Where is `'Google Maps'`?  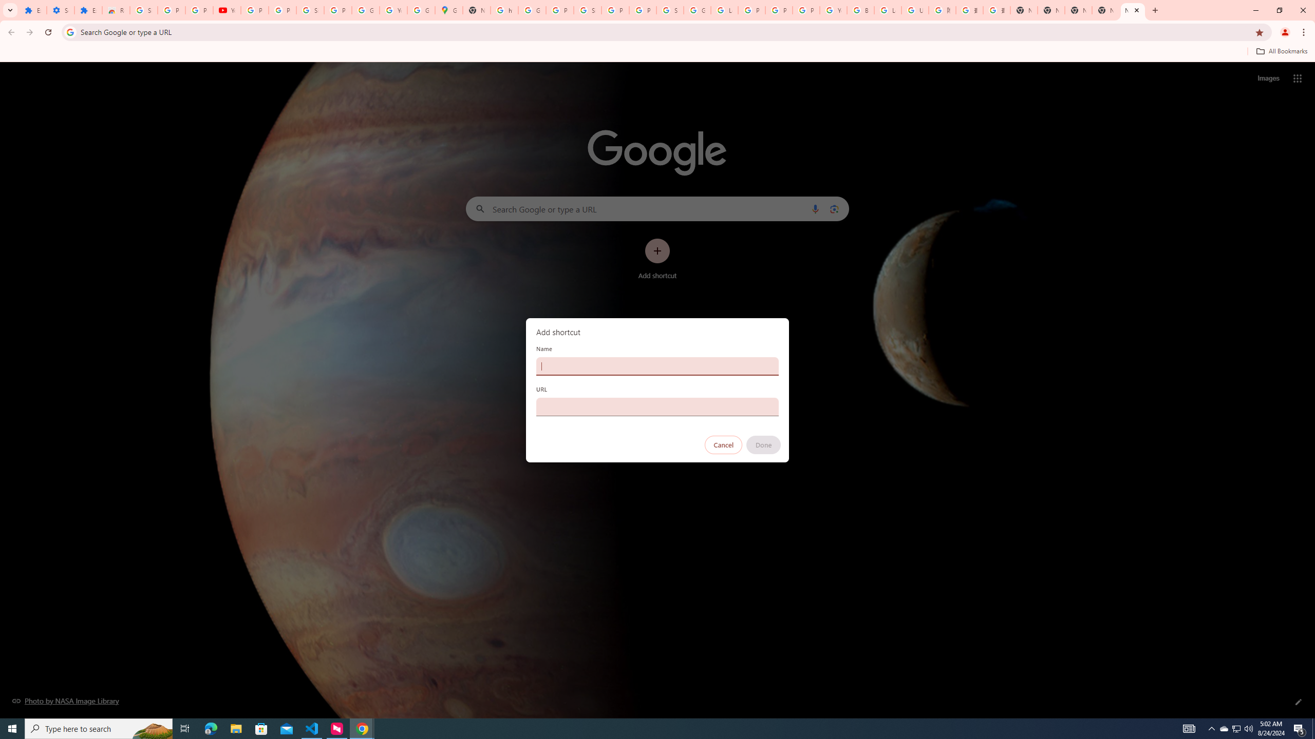
'Google Maps' is located at coordinates (448, 10).